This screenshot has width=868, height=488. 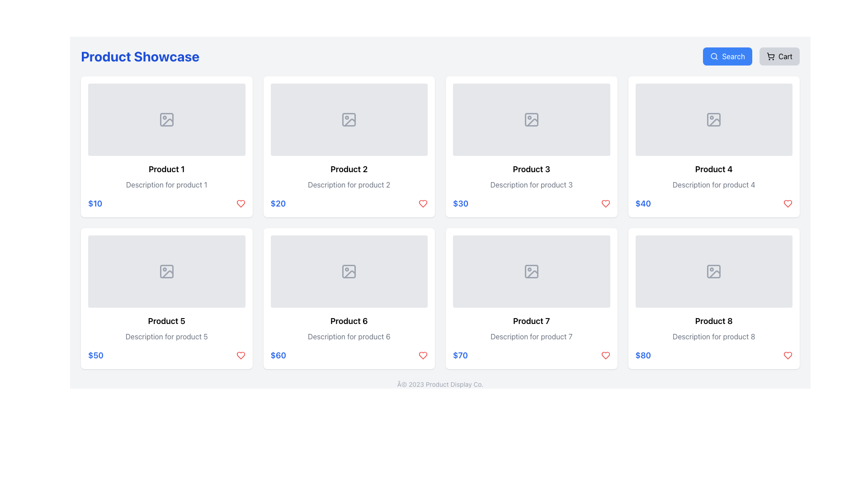 What do you see at coordinates (713, 320) in the screenshot?
I see `text content of the bold 'Product 8' label located in the lower section of the card for 'Product 8'` at bounding box center [713, 320].